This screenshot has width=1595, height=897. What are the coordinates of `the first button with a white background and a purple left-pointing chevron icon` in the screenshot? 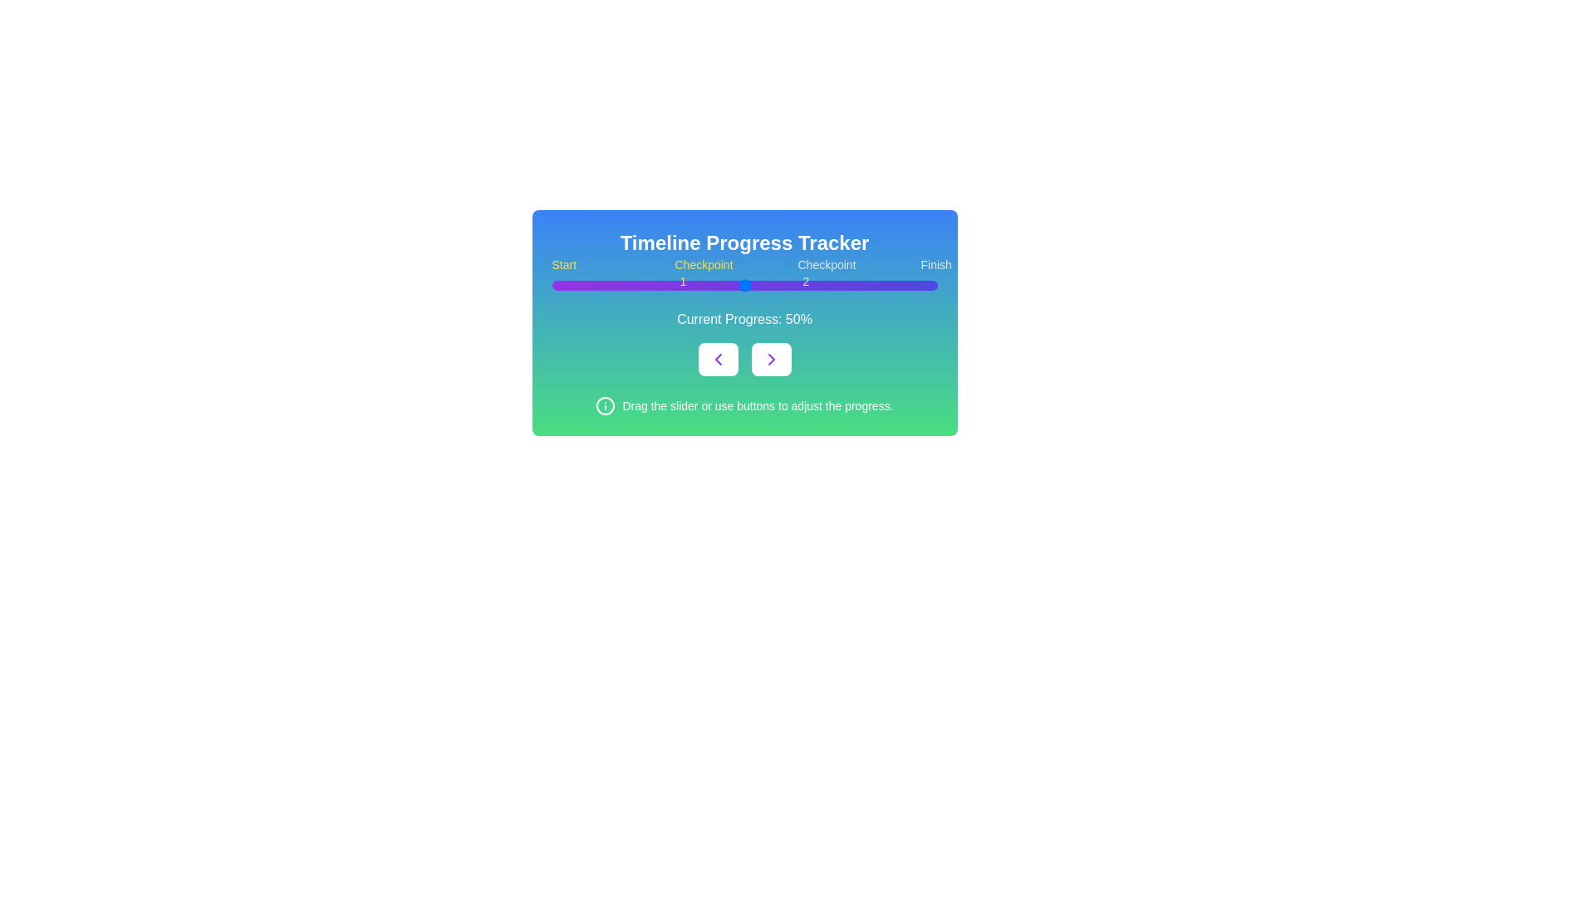 It's located at (718, 358).